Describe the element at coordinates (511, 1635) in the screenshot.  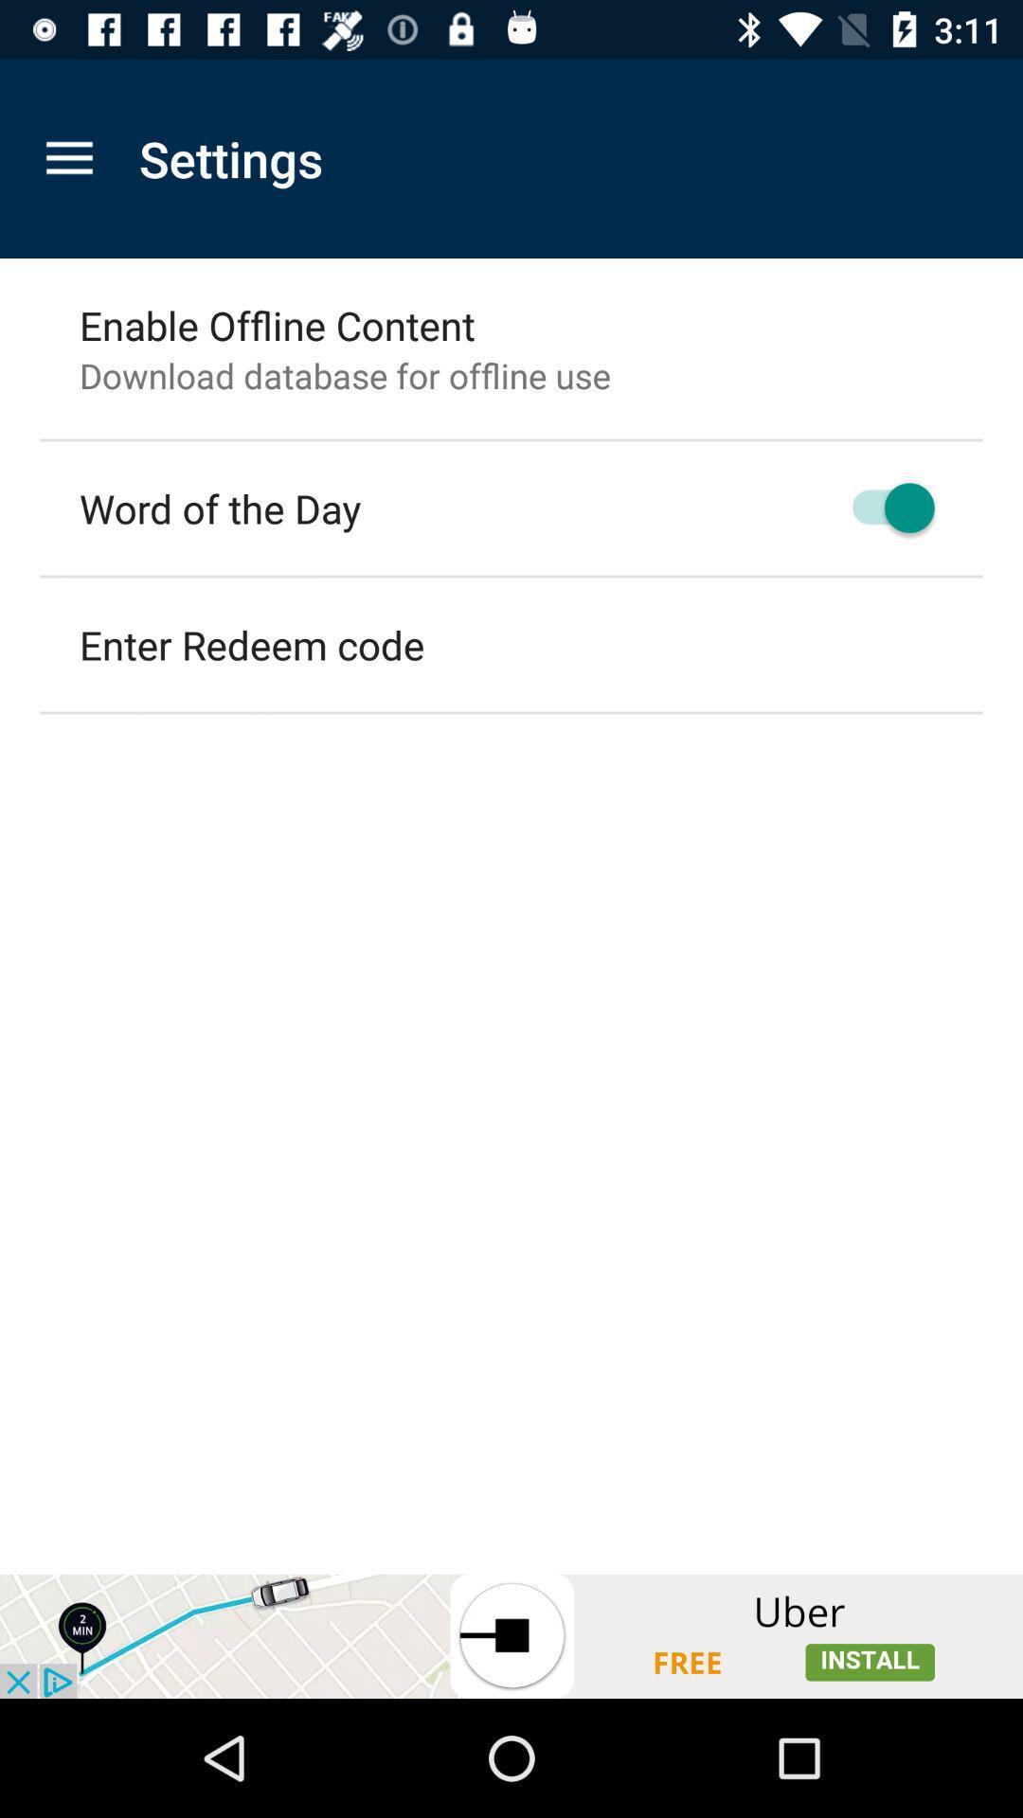
I see `advertisement` at that location.